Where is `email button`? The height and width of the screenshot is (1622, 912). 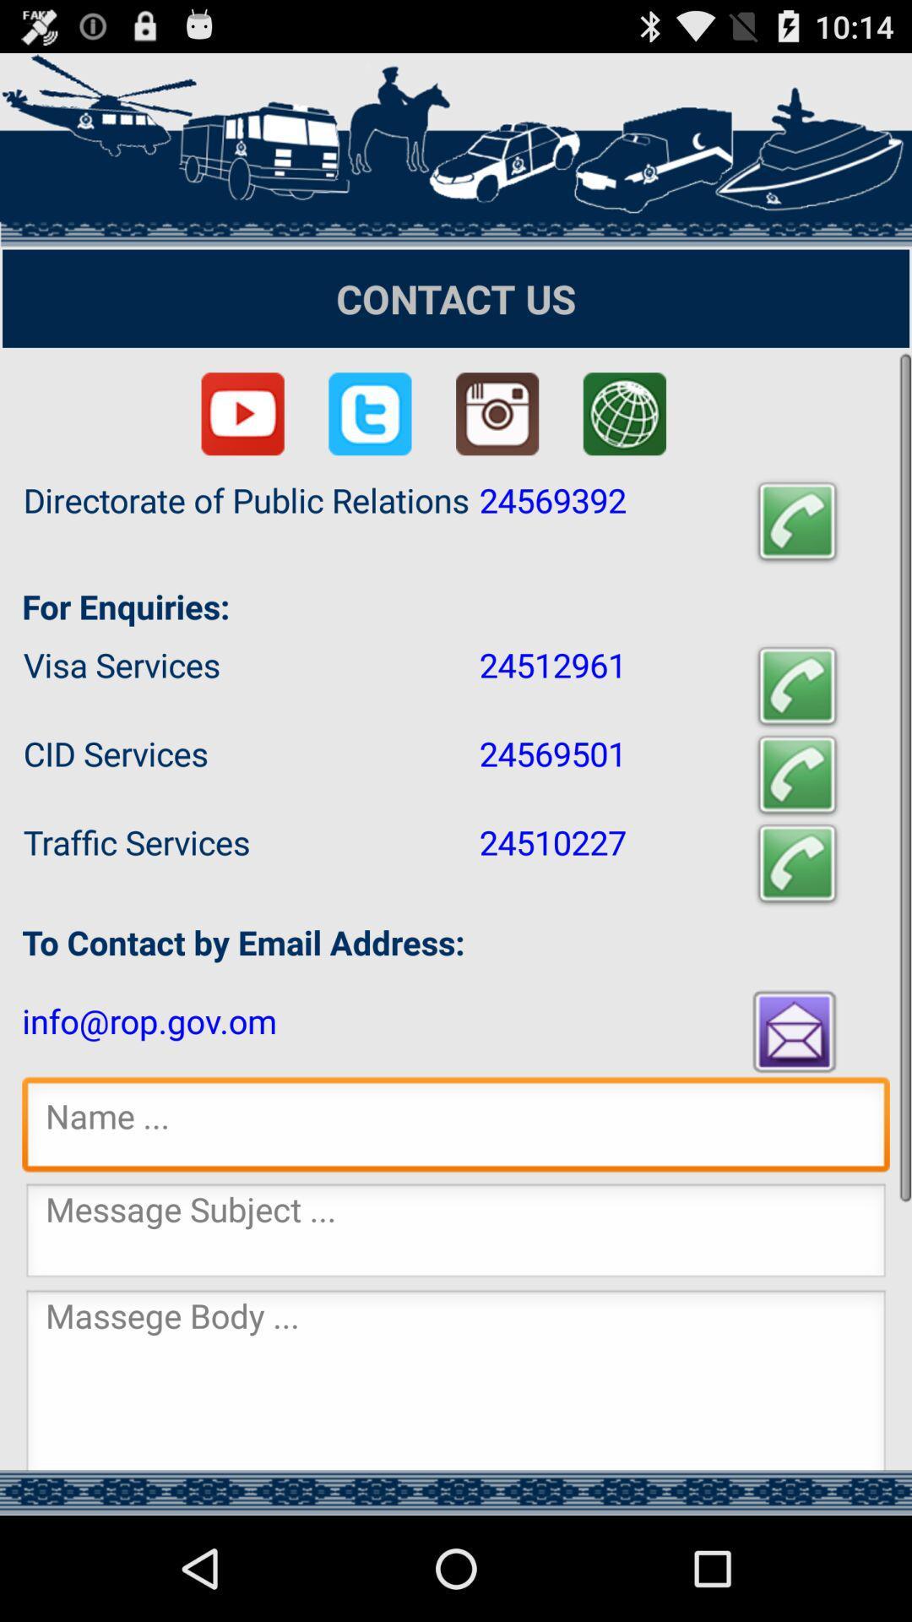 email button is located at coordinates (796, 1030).